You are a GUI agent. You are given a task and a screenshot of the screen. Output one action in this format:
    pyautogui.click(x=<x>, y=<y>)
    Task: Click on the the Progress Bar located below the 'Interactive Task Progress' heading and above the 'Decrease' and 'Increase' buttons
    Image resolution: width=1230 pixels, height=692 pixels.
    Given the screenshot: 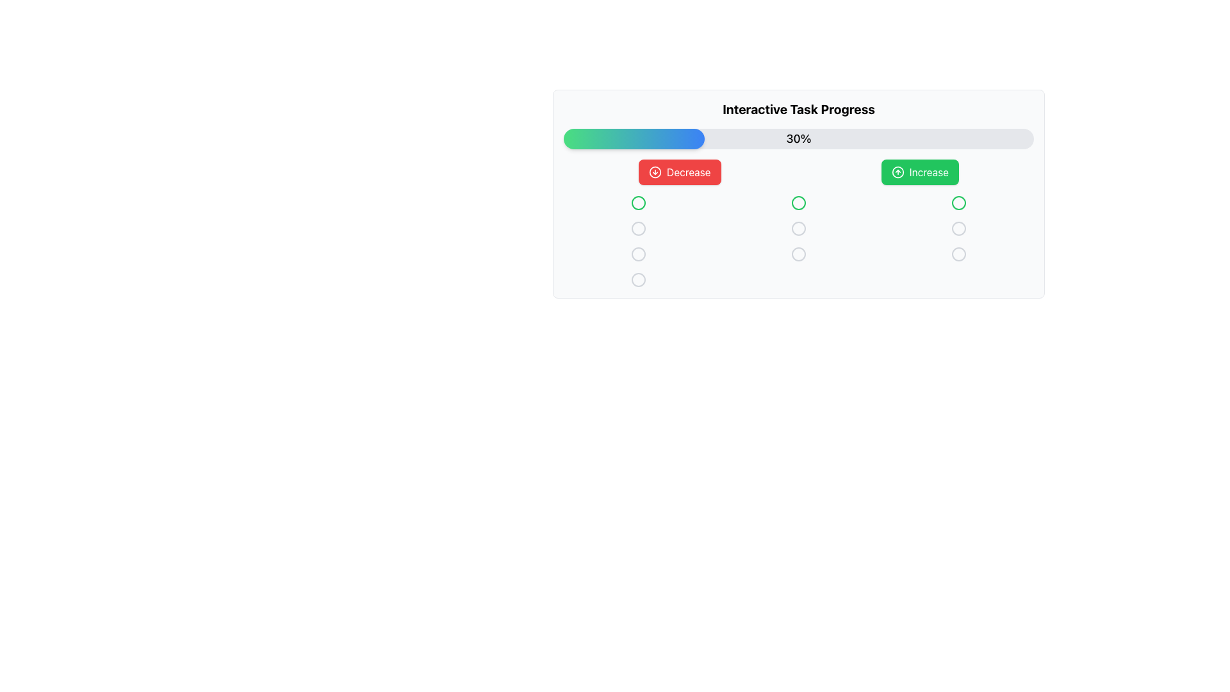 What is the action you would take?
    pyautogui.click(x=798, y=138)
    